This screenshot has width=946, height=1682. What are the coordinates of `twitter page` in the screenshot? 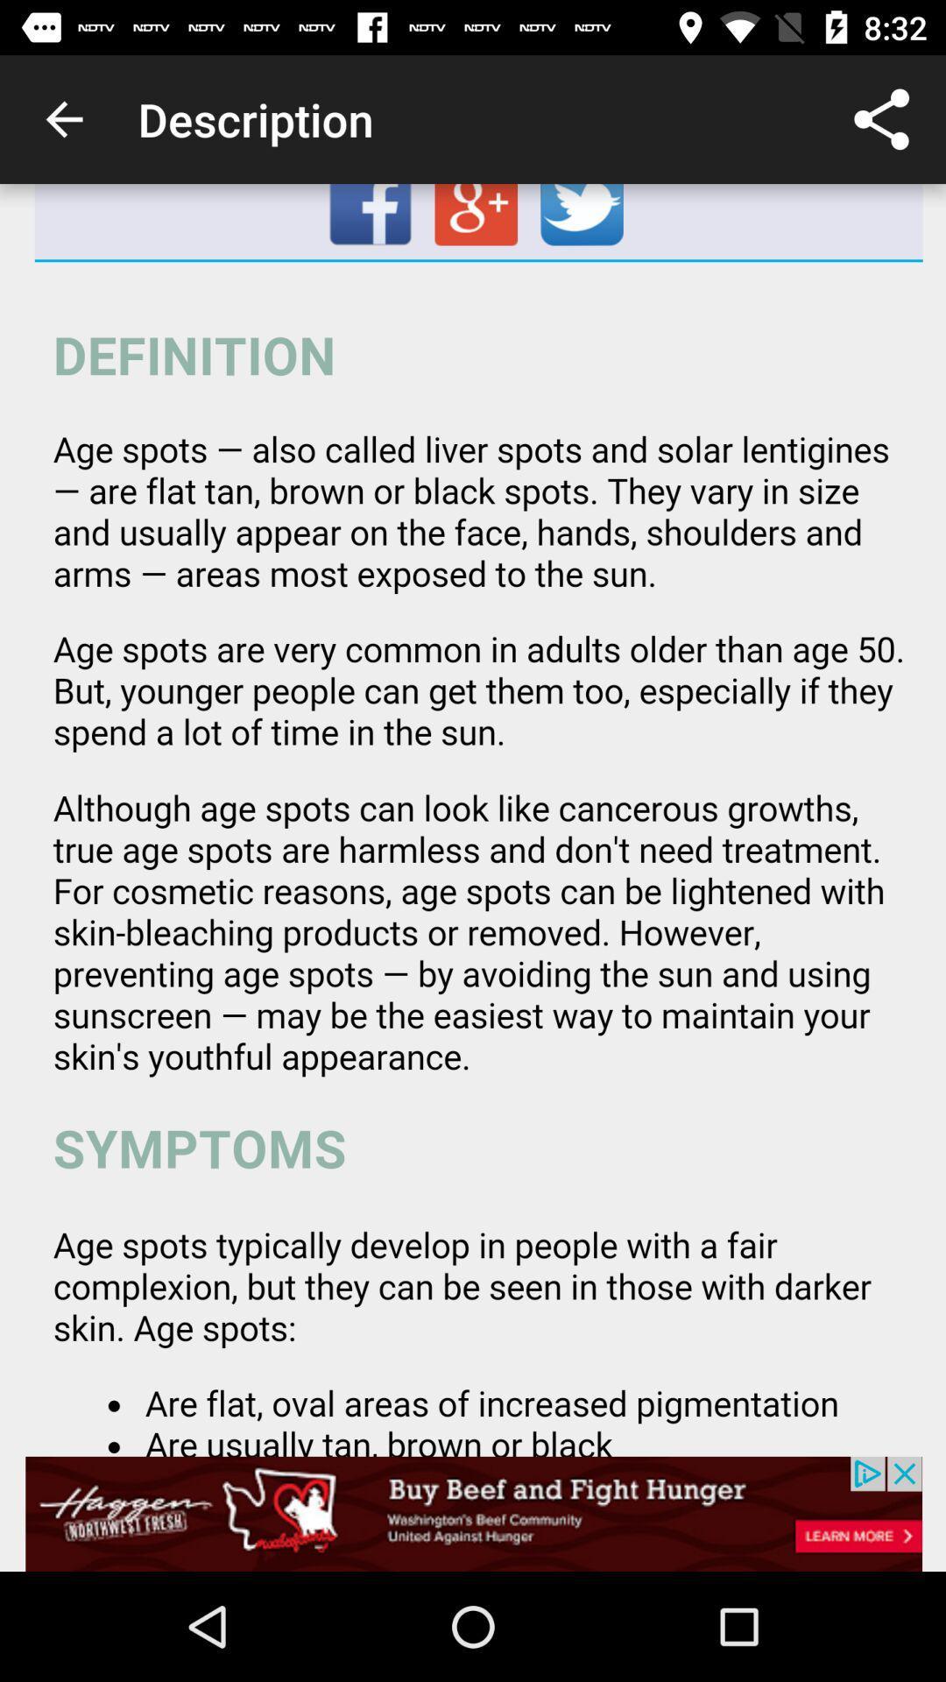 It's located at (584, 221).